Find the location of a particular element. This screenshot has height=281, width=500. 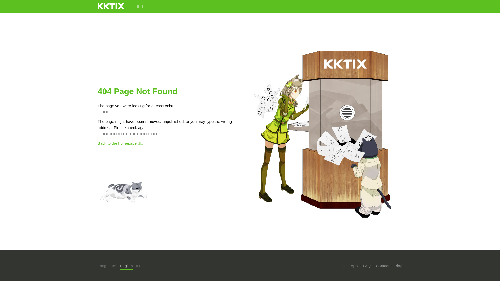

'FAQ' is located at coordinates (362, 266).